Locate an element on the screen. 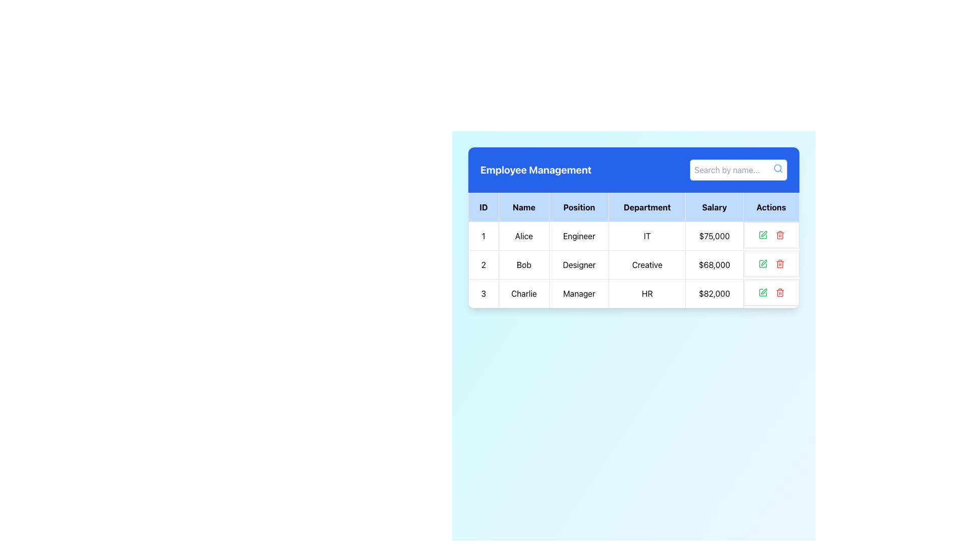  the icon group in the last cell of the 'Actions' column for the employee 'Bob', which includes options to edit and delete his information is located at coordinates (771, 263).